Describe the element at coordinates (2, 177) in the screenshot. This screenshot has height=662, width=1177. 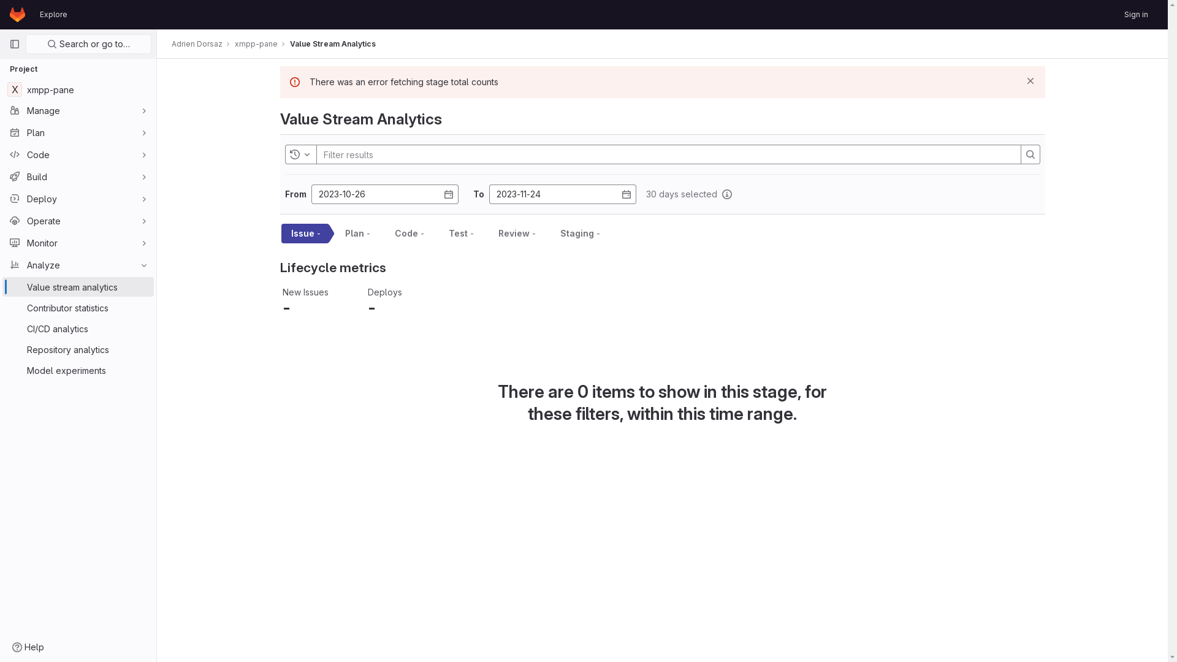
I see `'Build'` at that location.